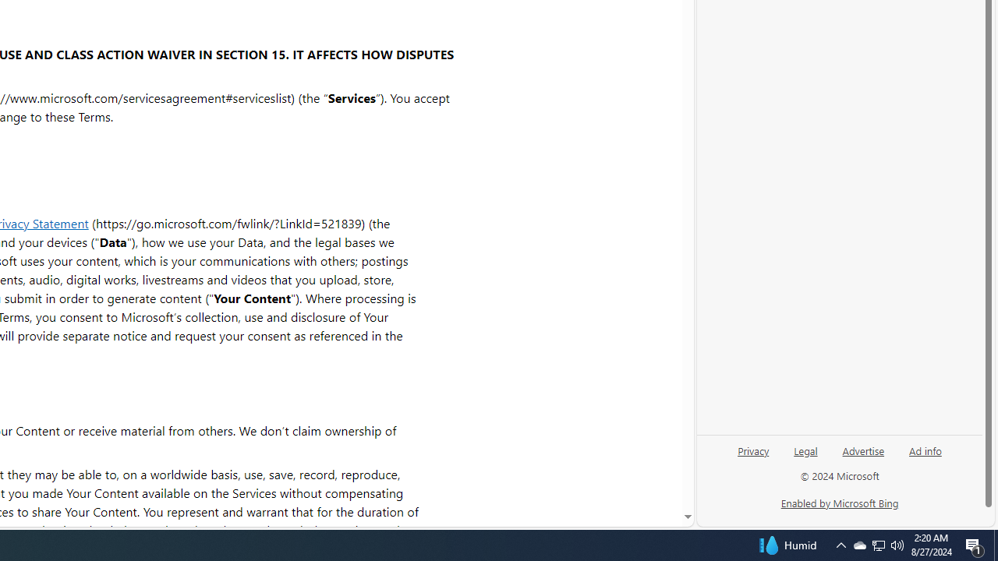 This screenshot has width=998, height=561. I want to click on 'Ad info', so click(925, 450).